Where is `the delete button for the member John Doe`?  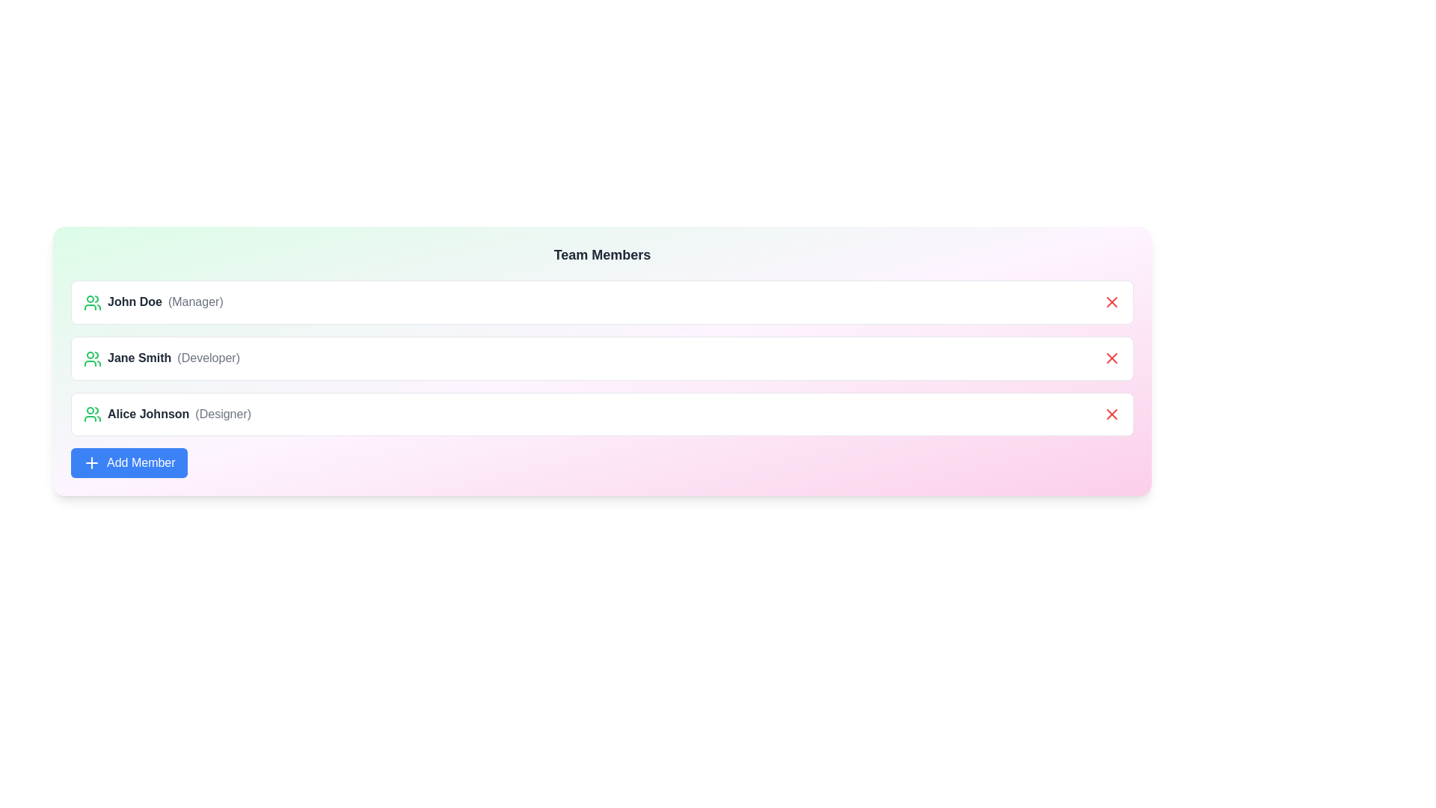
the delete button for the member John Doe is located at coordinates (1112, 302).